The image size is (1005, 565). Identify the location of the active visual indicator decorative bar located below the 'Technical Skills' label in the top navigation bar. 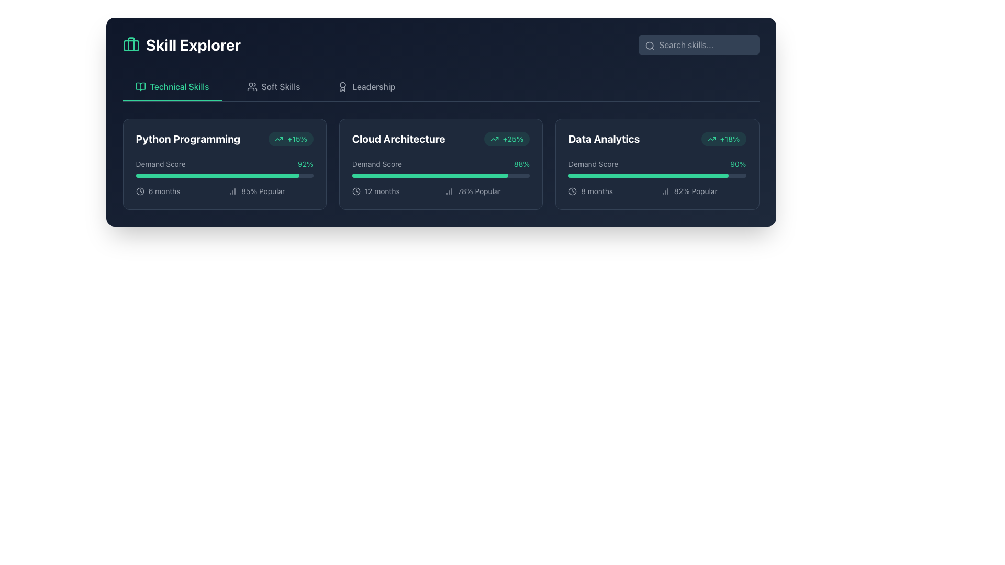
(172, 100).